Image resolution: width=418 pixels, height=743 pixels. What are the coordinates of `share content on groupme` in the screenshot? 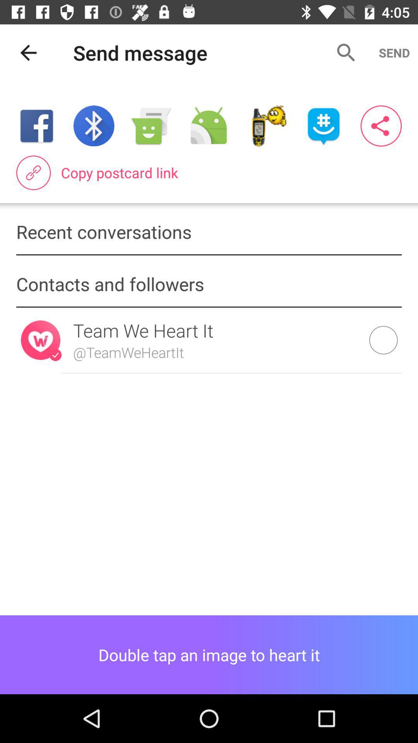 It's located at (324, 126).